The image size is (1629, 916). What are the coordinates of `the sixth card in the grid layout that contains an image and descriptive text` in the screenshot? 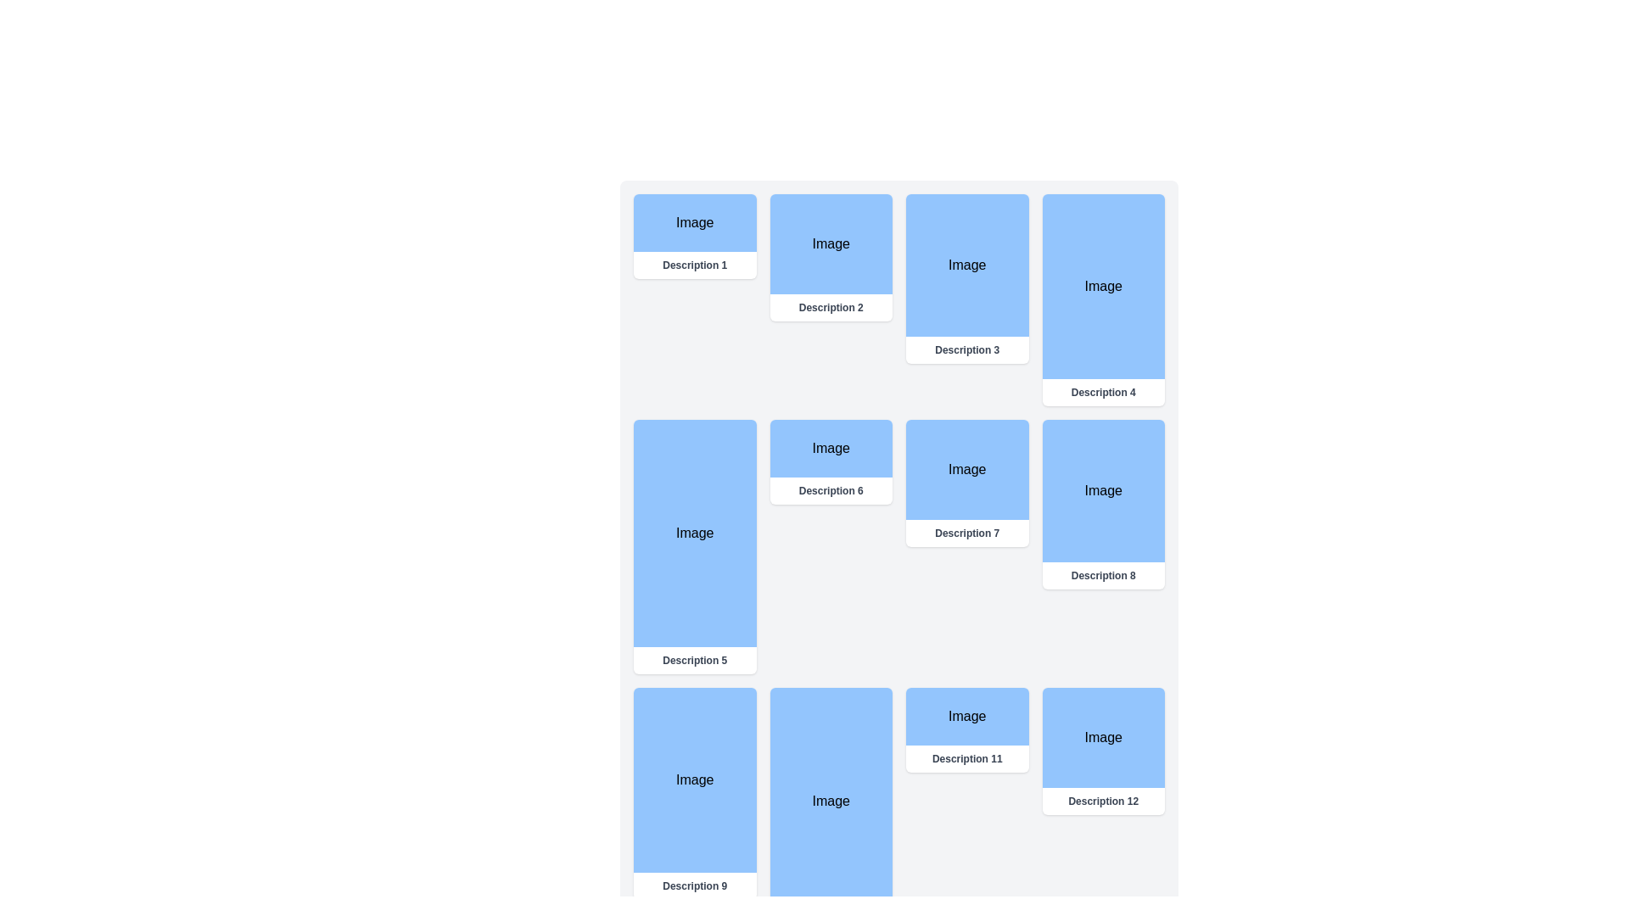 It's located at (831, 461).